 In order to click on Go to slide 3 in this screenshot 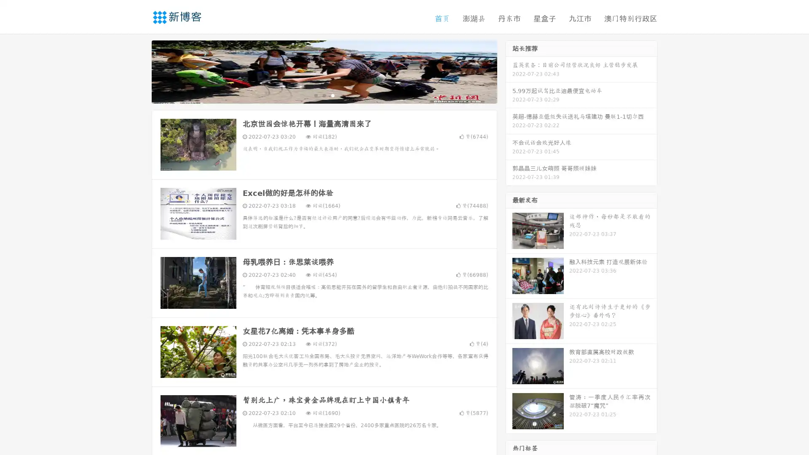, I will do `click(332, 95)`.